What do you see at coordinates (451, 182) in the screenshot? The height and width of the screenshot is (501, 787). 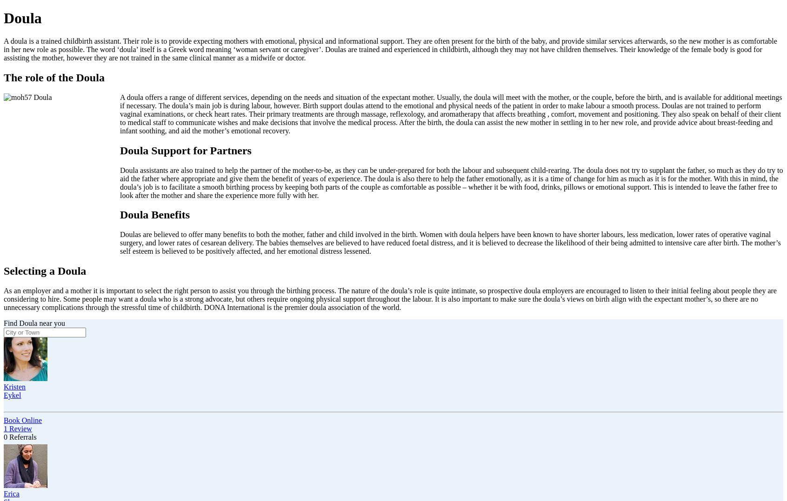 I see `'Doula assistants are also trained to help the partner of the mother-to-be, as they can be under-prepared for both the labour and subsequent child-rearing. The doula does not try to supplant the father, so much as they do try to aid the father where appropriate and give them the benefit of years of experience. The doula is also there to help the father emotionally, as it is a time of change for him as much as it is for the mother. With this in mind, the doula’s job is to facilitate a smooth birthing process by keeping both parts of the couple as comfortable as possible – whether it be with food, drinks, pillows or emotional support. This is intended to leave the father free to look after the mother and share the experience more fully with her.'` at bounding box center [451, 182].